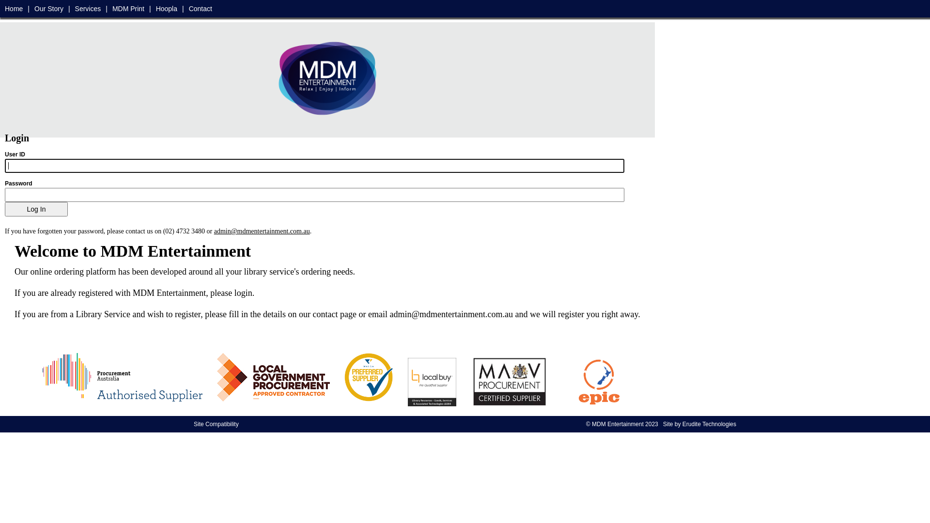  Describe the element at coordinates (4, 209) in the screenshot. I see `'Log In'` at that location.